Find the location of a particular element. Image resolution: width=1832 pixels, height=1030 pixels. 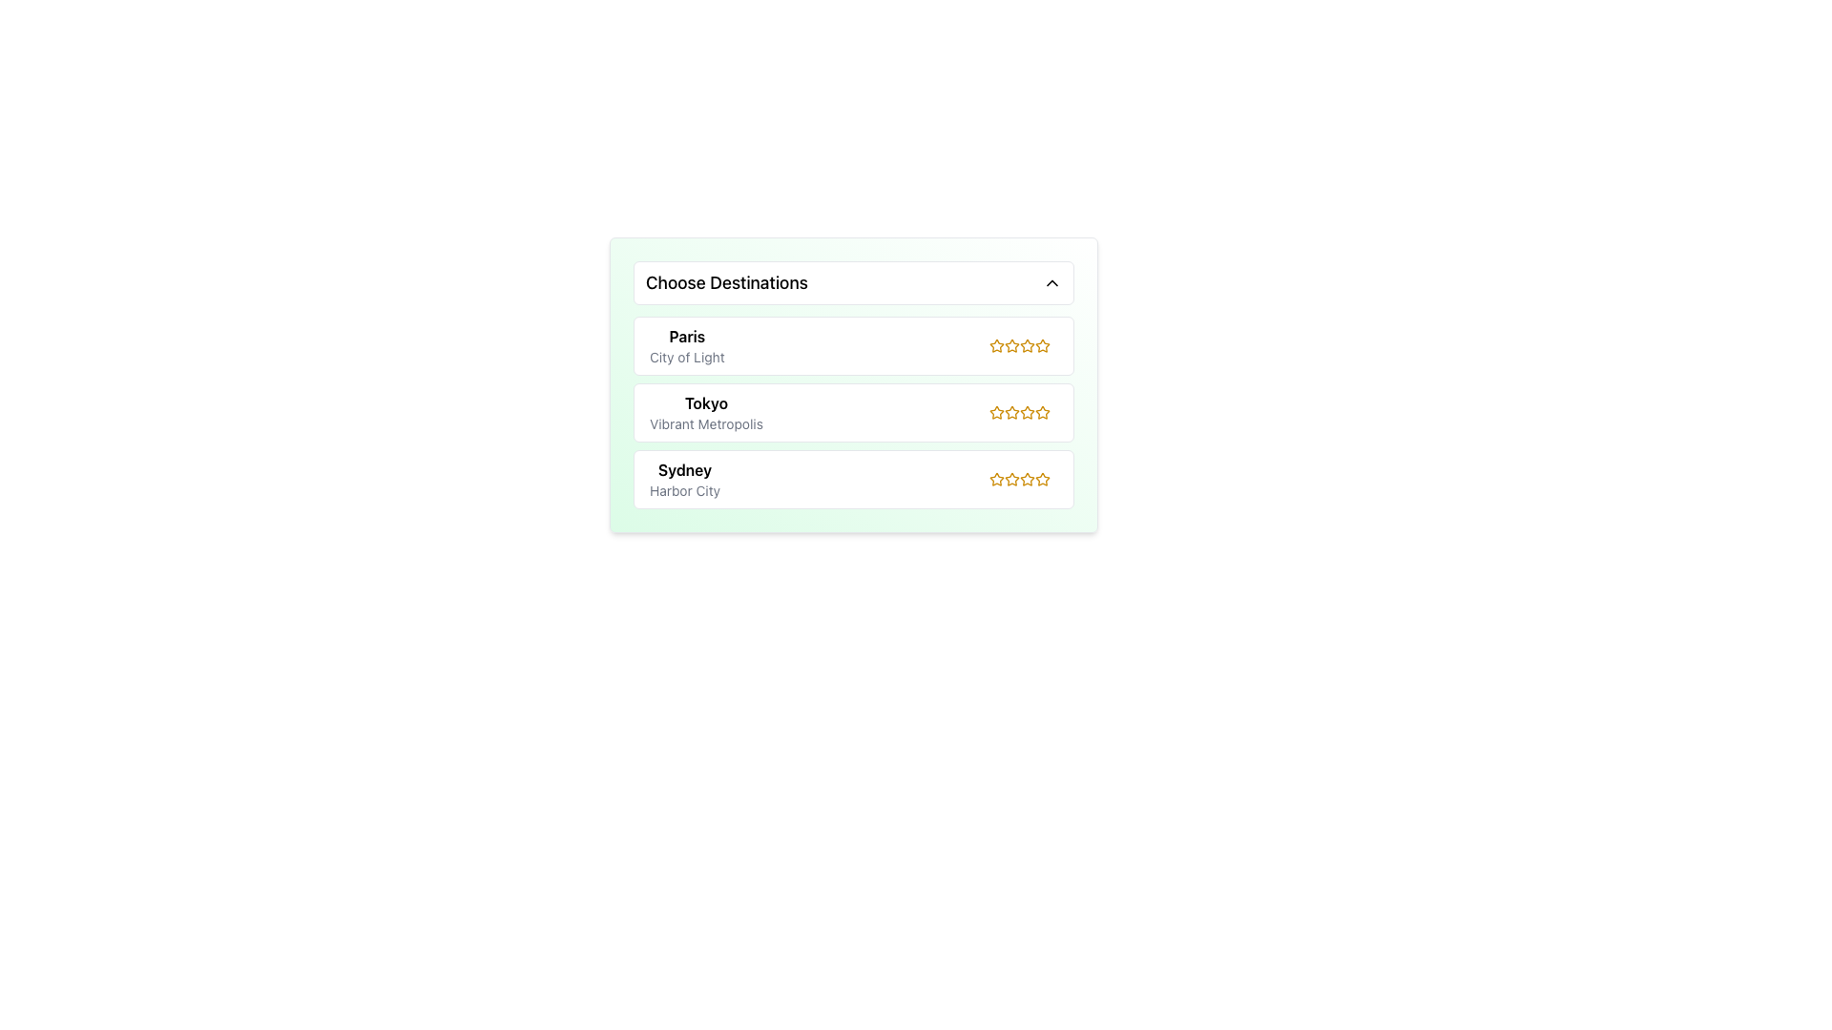

the third star icon in the horizontal row of five stars next to the 'Sydney' label to trigger tooltip or highlight effects is located at coordinates (1042, 478).